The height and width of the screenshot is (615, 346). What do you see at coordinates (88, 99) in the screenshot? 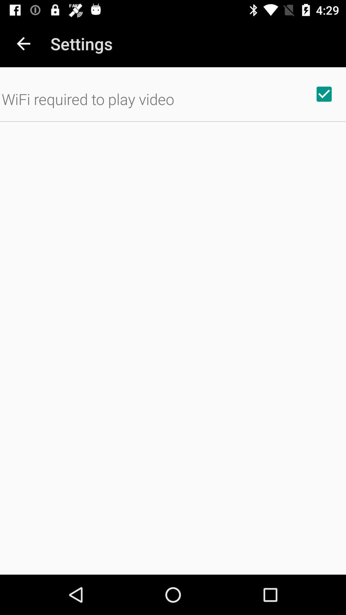
I see `the wifi required to item` at bounding box center [88, 99].